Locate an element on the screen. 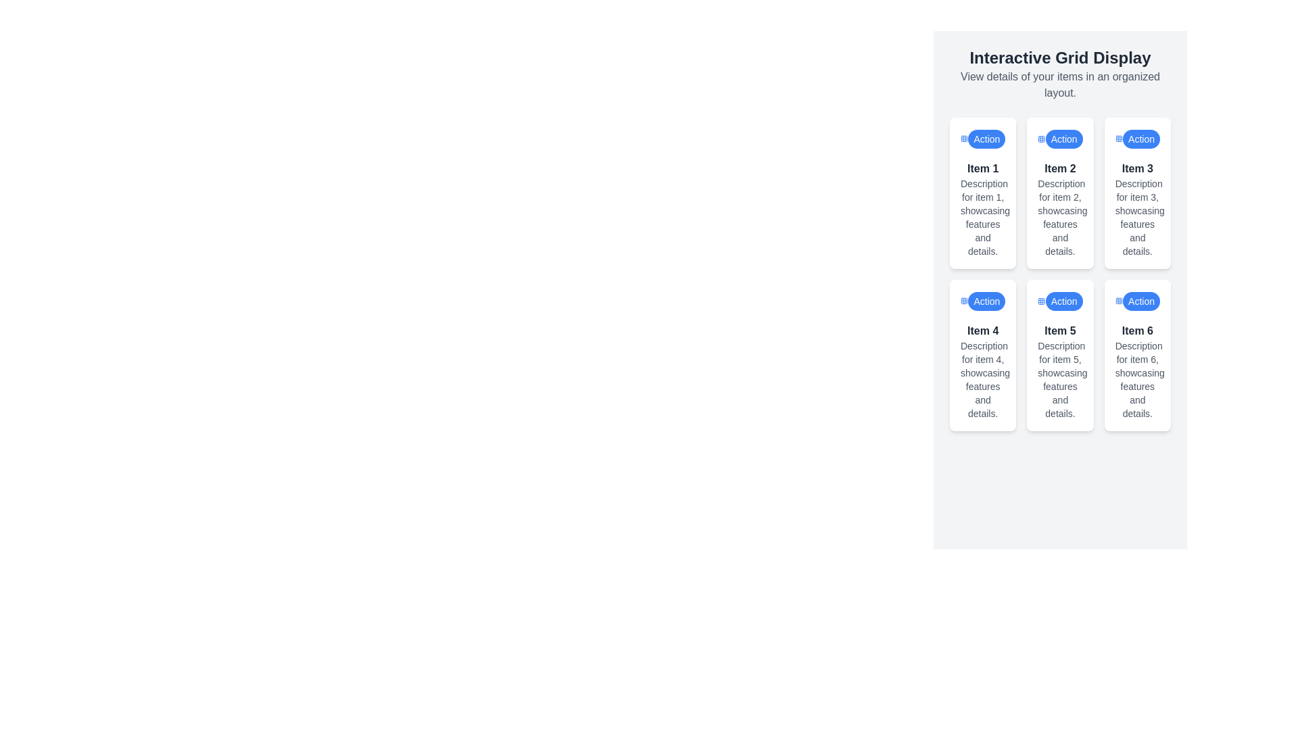  grid layout icon with SVG graphics located in the 'Item 4' card under the 'Interactive Grid Display' header, positioned to the left of the 'Action' button is located at coordinates (963, 301).